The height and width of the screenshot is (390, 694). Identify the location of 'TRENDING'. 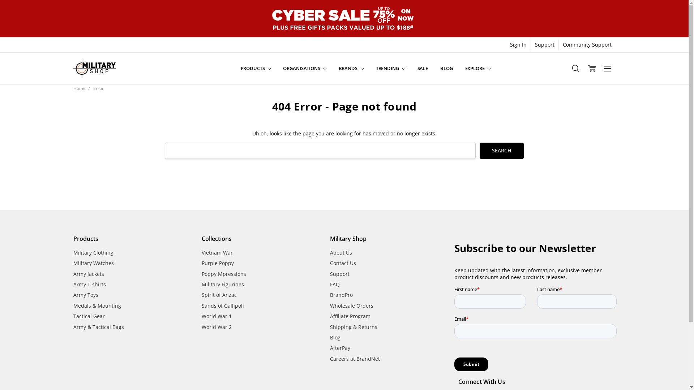
(390, 68).